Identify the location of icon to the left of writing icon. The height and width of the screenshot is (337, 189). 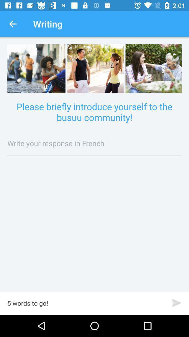
(13, 24).